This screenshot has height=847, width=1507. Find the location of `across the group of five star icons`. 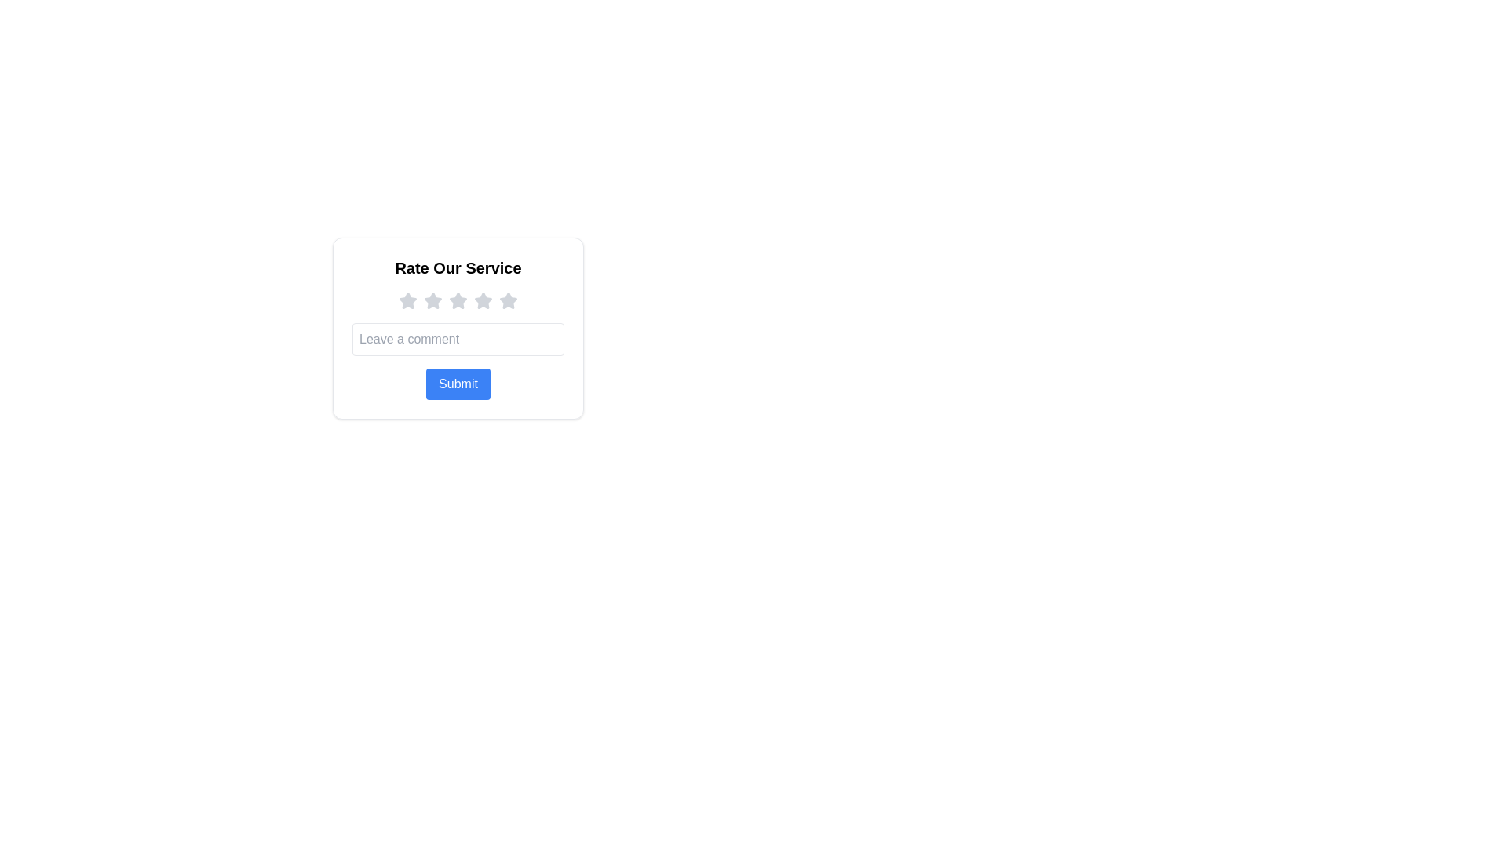

across the group of five star icons is located at coordinates (458, 301).